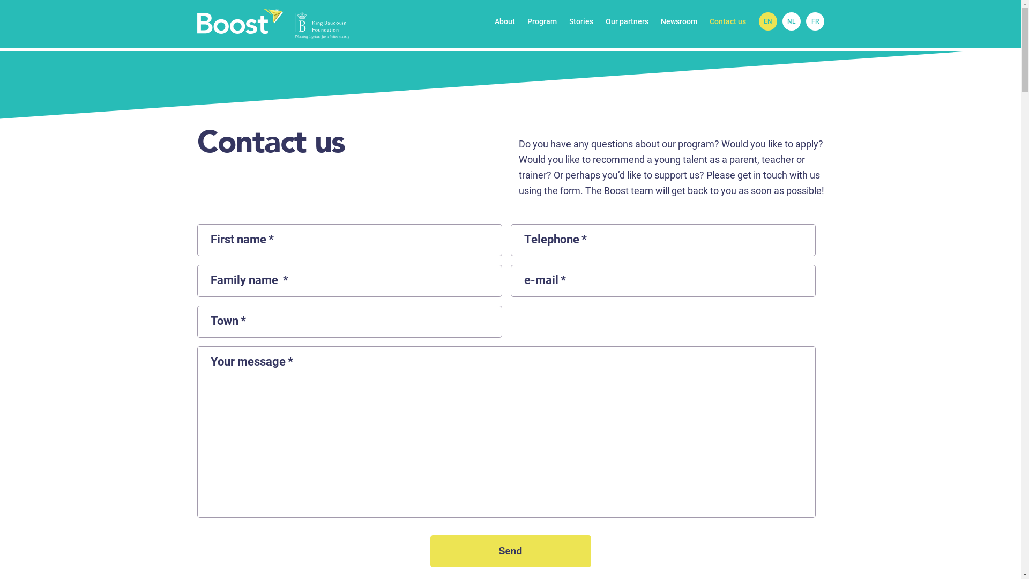 This screenshot has height=579, width=1029. I want to click on 'Program', so click(542, 21).